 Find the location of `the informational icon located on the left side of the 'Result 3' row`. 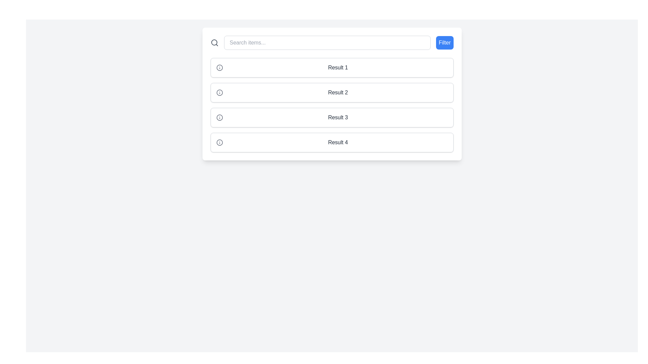

the informational icon located on the left side of the 'Result 3' row is located at coordinates (219, 117).